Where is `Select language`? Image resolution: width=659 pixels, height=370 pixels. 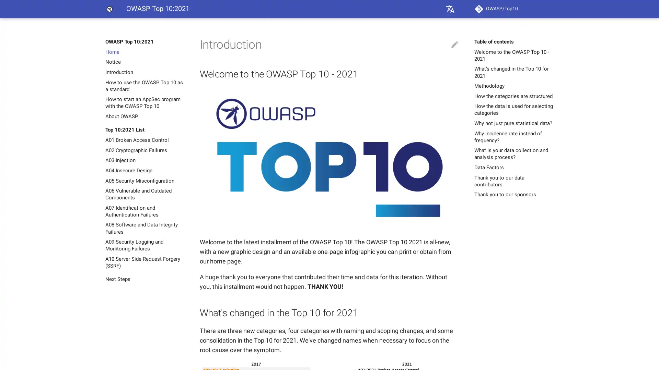
Select language is located at coordinates (450, 9).